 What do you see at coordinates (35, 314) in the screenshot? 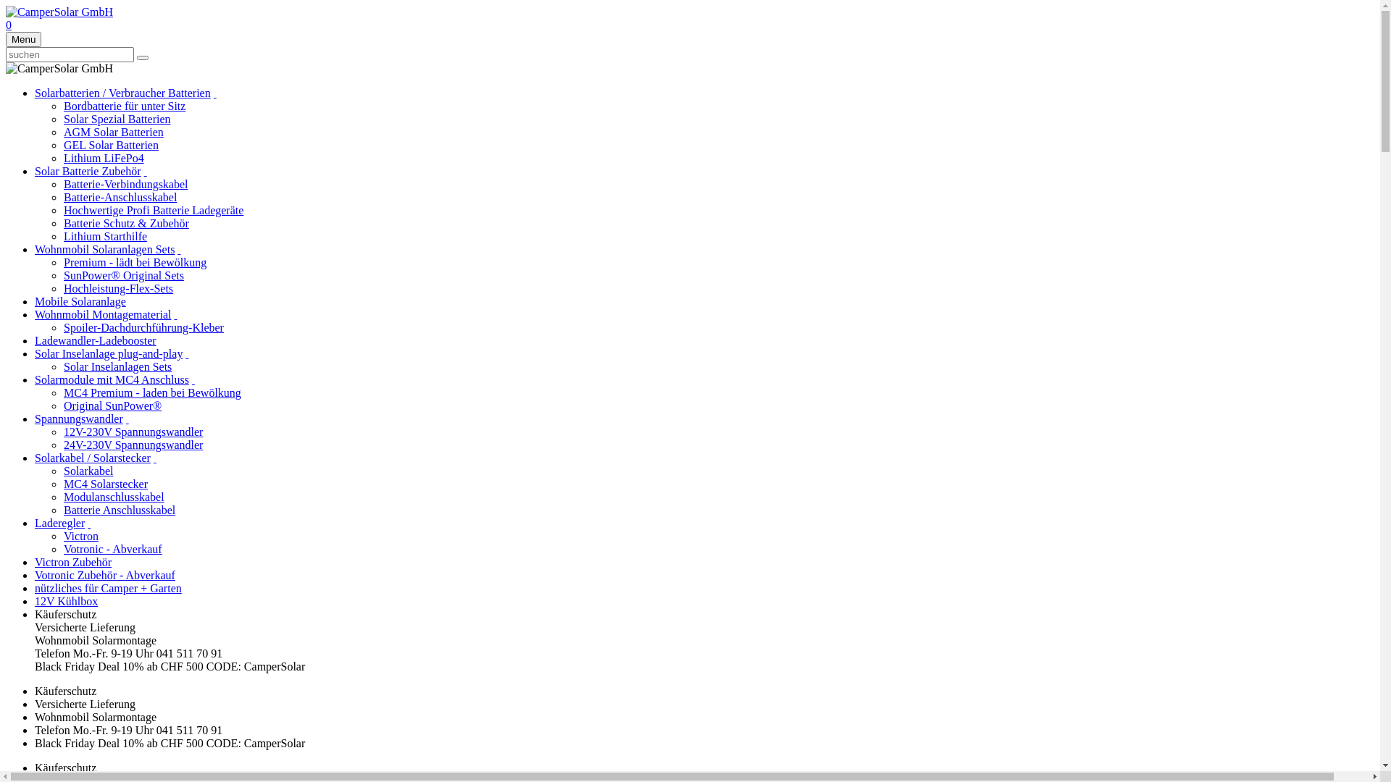
I see `'Wohnmobil Montagematerial'` at bounding box center [35, 314].